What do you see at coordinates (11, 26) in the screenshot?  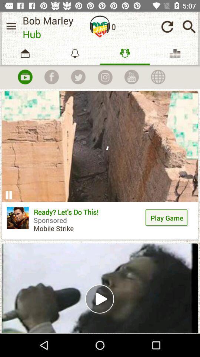 I see `main menu` at bounding box center [11, 26].